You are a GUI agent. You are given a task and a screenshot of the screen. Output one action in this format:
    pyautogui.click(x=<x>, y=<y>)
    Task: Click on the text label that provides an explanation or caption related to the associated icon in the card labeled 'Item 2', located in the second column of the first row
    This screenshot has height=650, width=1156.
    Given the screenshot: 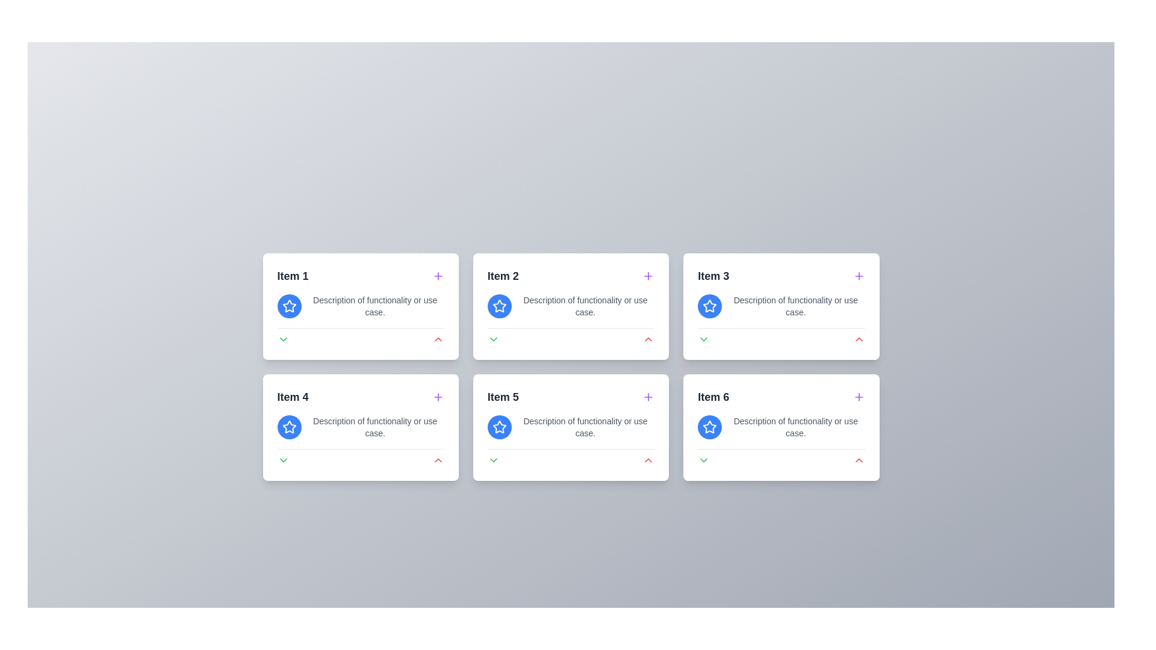 What is the action you would take?
    pyautogui.click(x=570, y=306)
    